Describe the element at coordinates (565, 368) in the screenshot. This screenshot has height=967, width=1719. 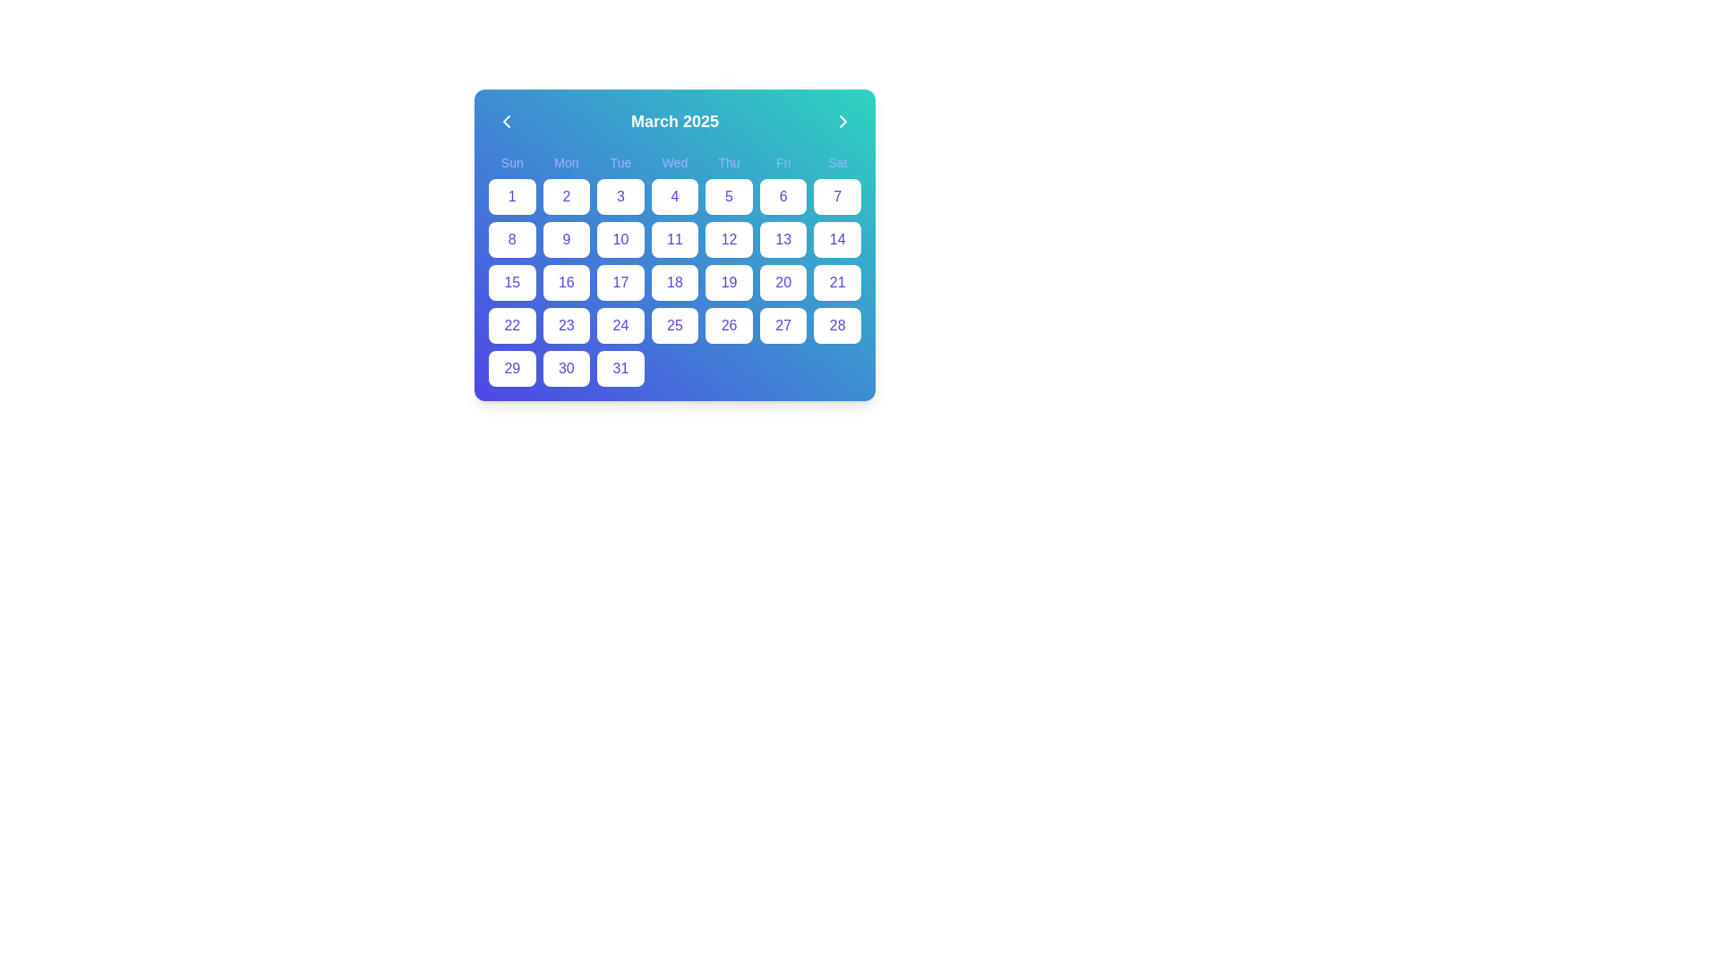
I see `the calendar button located in the bottom row, sixth column for keyboard interaction` at that location.